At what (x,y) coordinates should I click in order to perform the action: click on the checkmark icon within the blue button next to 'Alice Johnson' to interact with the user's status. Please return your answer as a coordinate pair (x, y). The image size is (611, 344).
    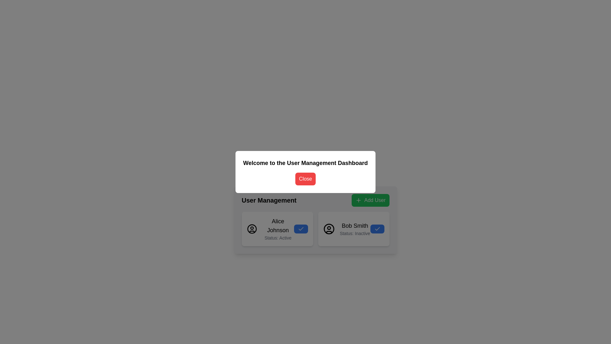
    Looking at the image, I should click on (300, 228).